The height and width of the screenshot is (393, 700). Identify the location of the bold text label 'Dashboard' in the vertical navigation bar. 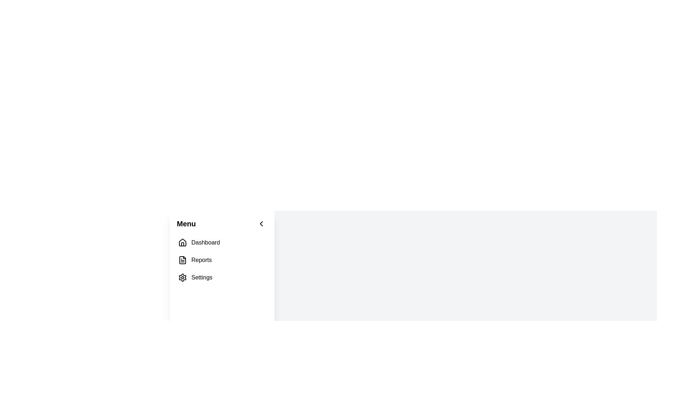
(205, 243).